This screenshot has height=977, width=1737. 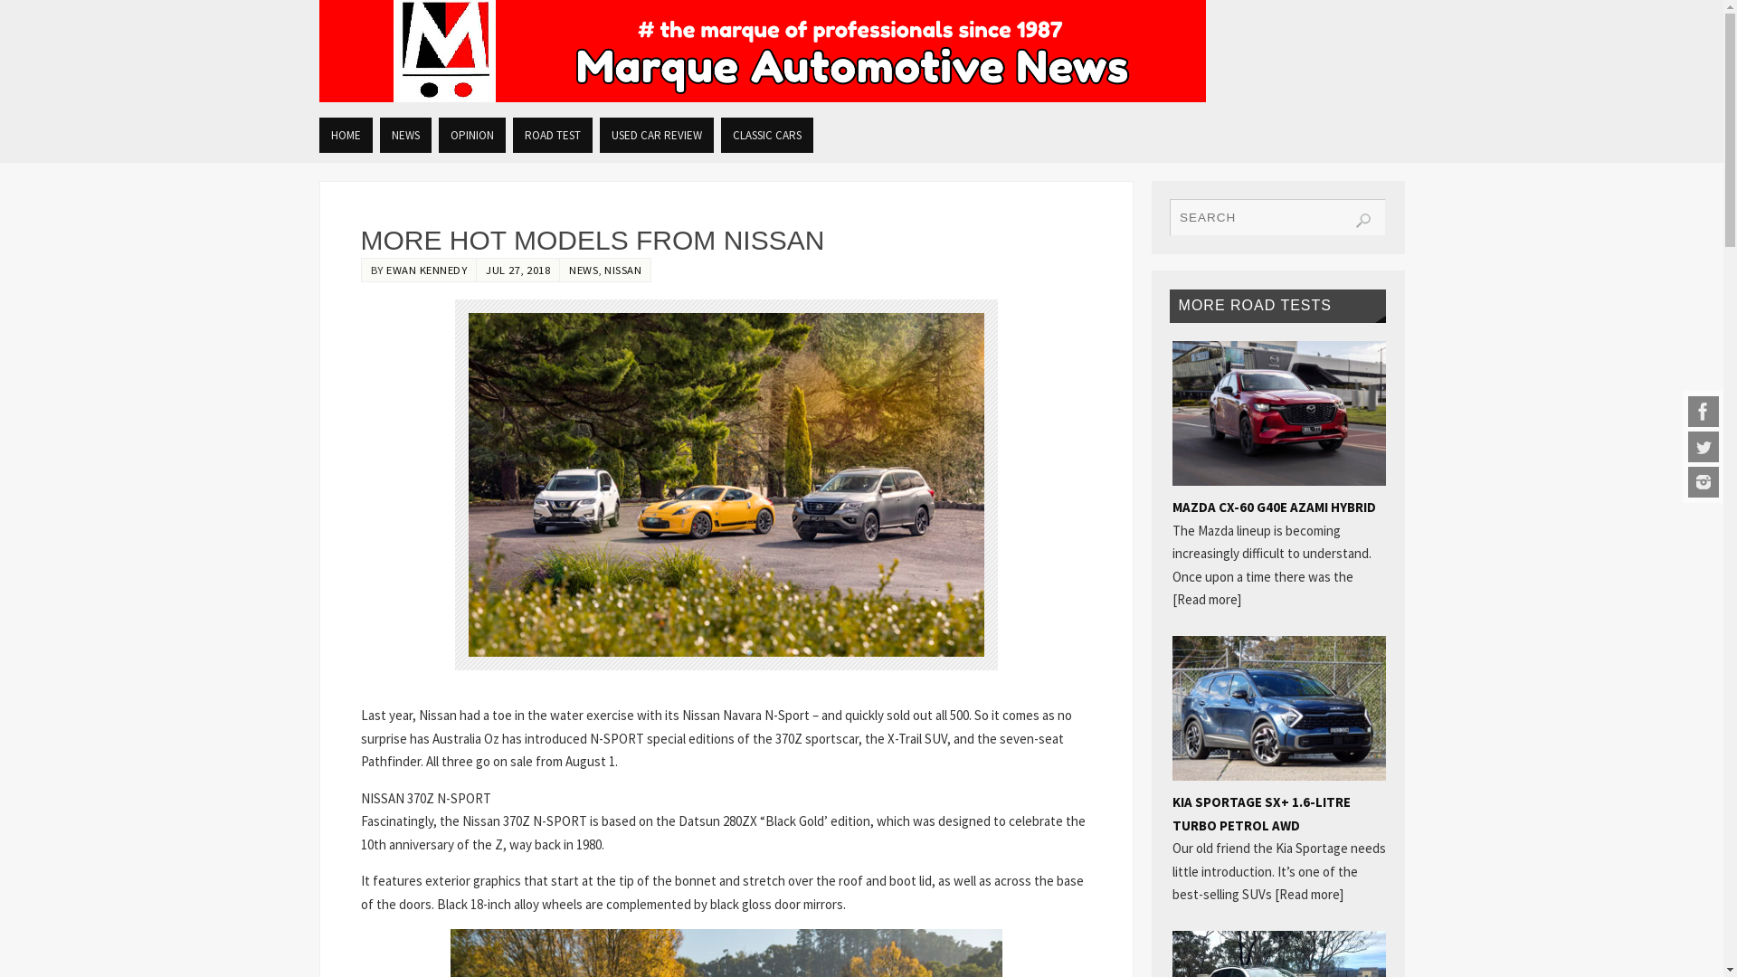 What do you see at coordinates (765, 134) in the screenshot?
I see `'CLASSIC CARS'` at bounding box center [765, 134].